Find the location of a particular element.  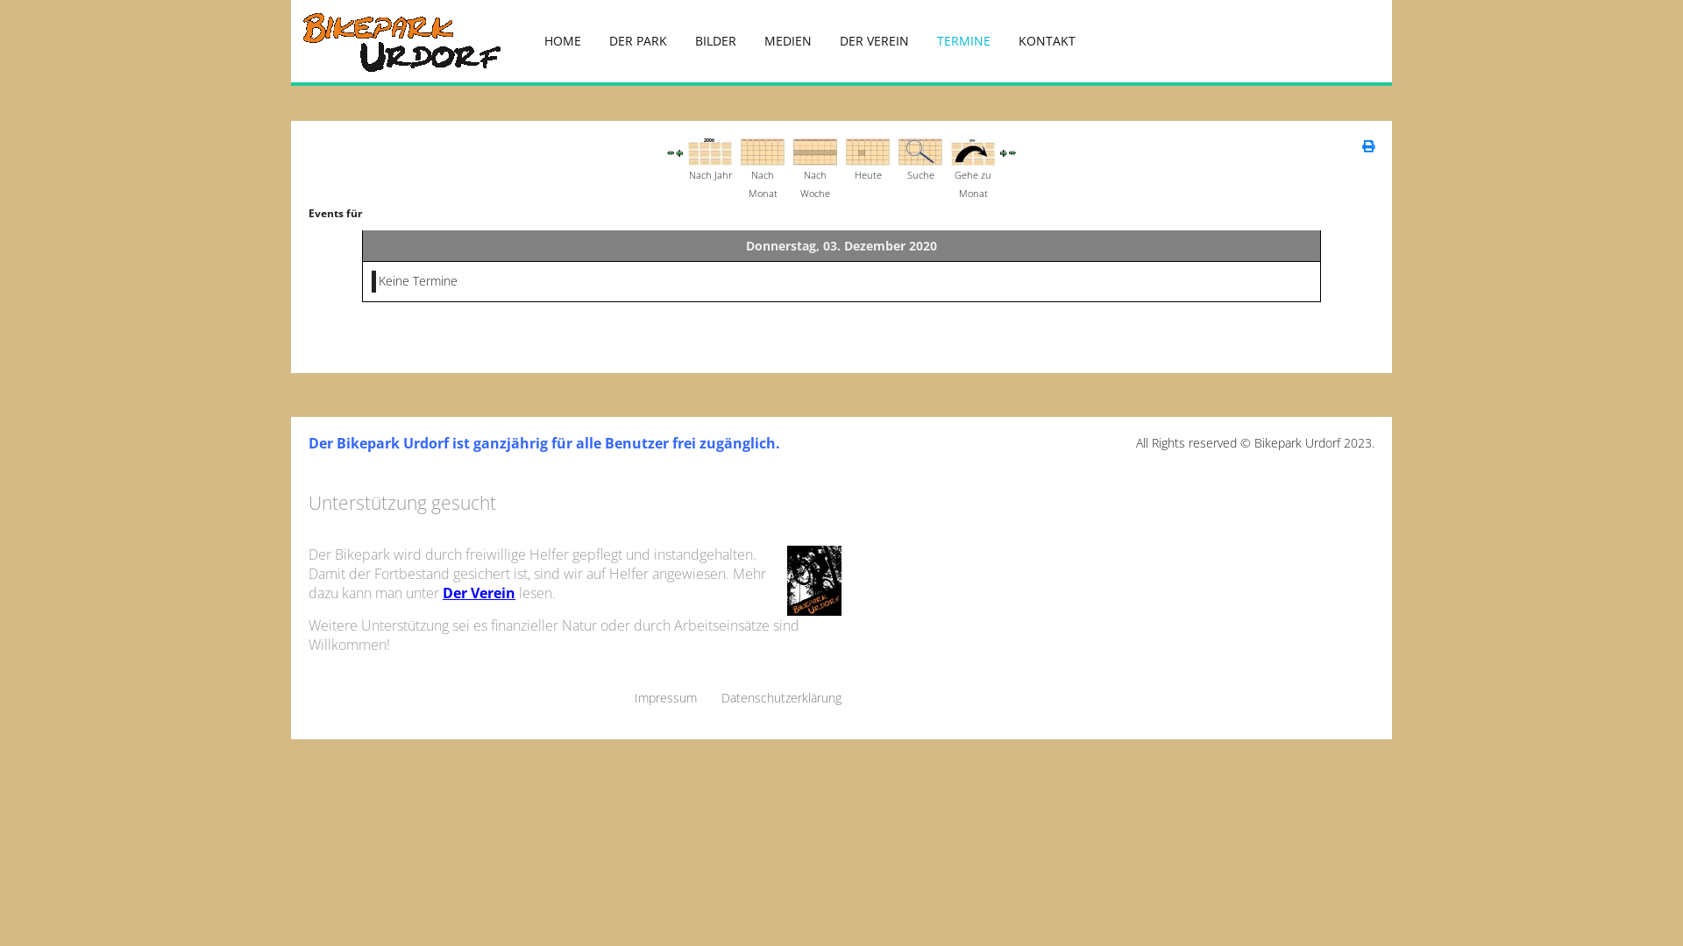

'TERMINE' is located at coordinates (962, 39).